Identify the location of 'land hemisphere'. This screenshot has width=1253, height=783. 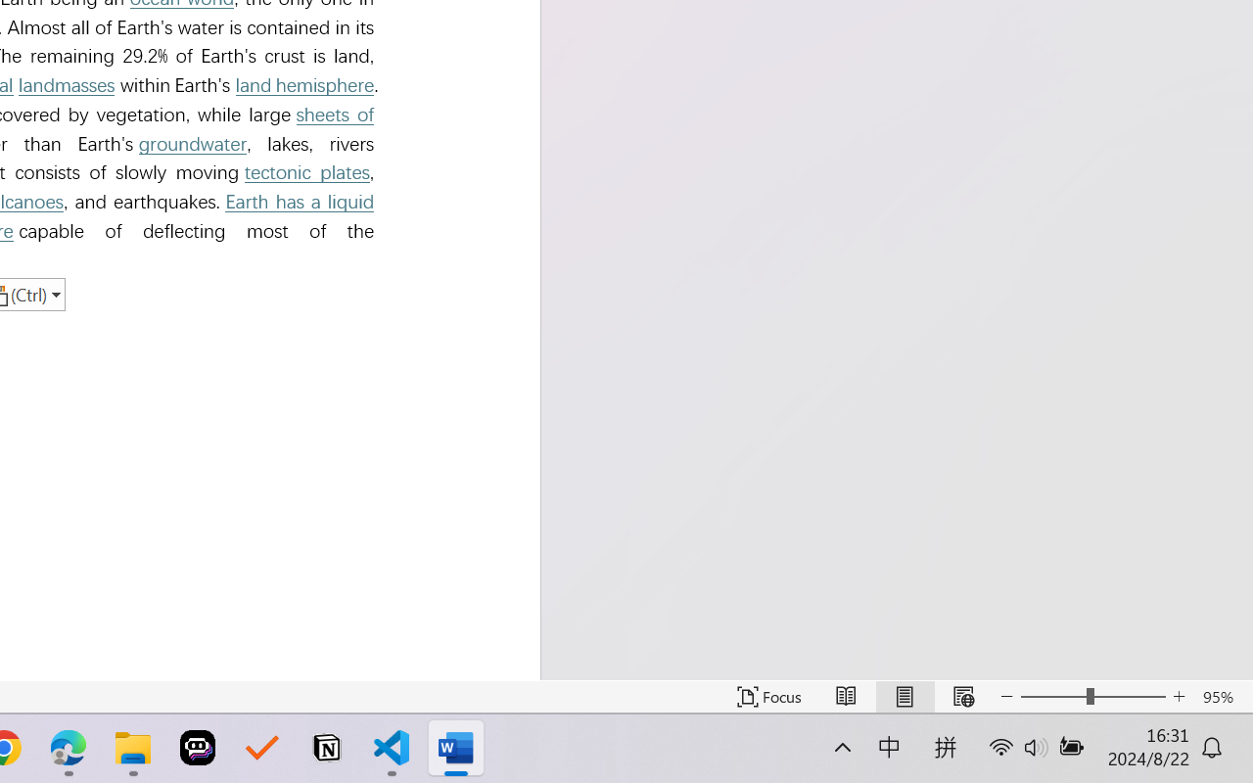
(303, 85).